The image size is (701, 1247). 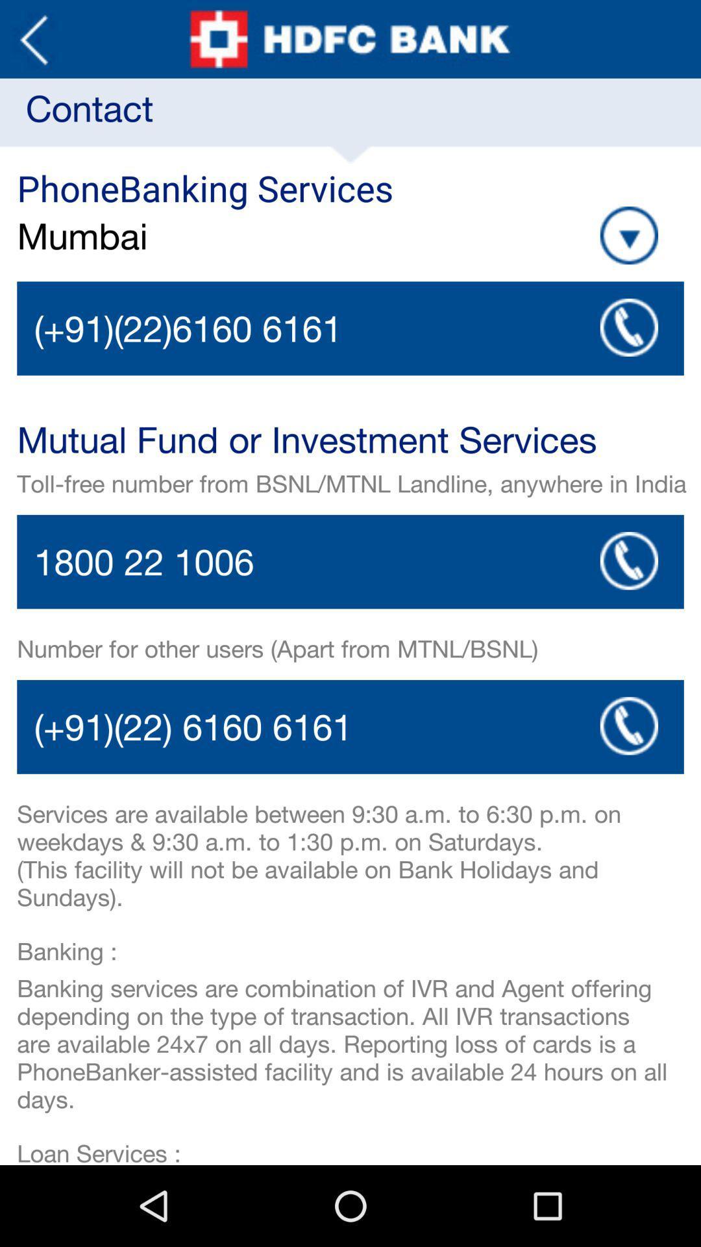 What do you see at coordinates (628, 777) in the screenshot?
I see `the call icon` at bounding box center [628, 777].